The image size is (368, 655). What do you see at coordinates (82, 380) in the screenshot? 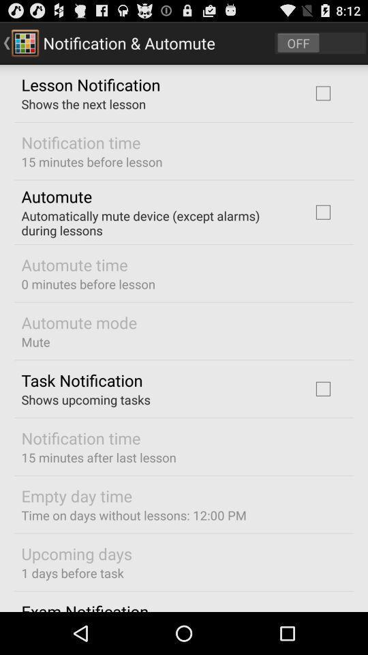
I see `the app above shows upcoming tasks item` at bounding box center [82, 380].